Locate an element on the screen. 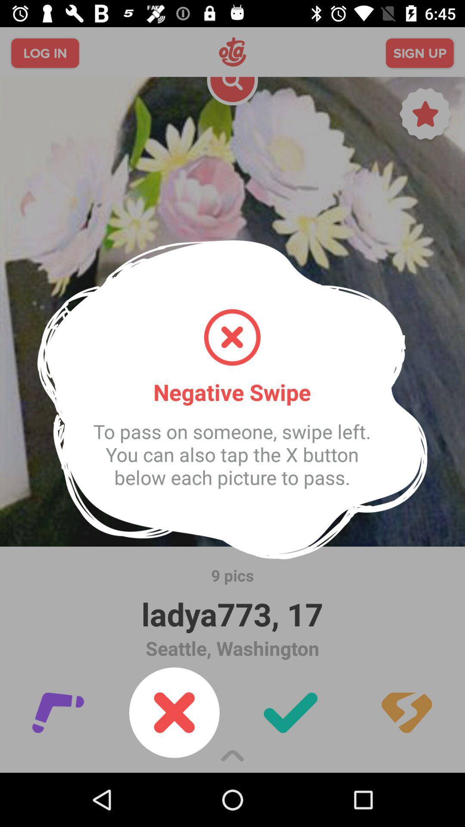  the icon below sign up option is located at coordinates (425, 116).